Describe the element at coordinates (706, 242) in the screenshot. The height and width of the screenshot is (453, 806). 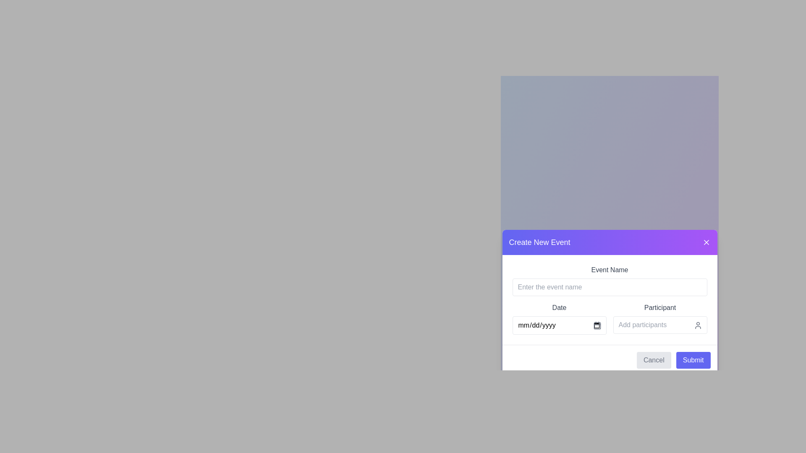
I see `the circular button with a white 'X' icon located in the top right corner of the modal header` at that location.